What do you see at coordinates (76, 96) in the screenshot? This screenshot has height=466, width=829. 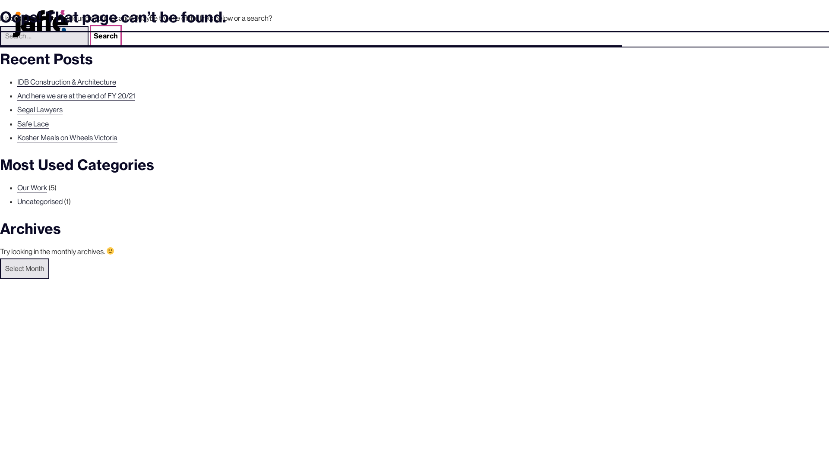 I see `'And here we are at the end of FY 20/21'` at bounding box center [76, 96].